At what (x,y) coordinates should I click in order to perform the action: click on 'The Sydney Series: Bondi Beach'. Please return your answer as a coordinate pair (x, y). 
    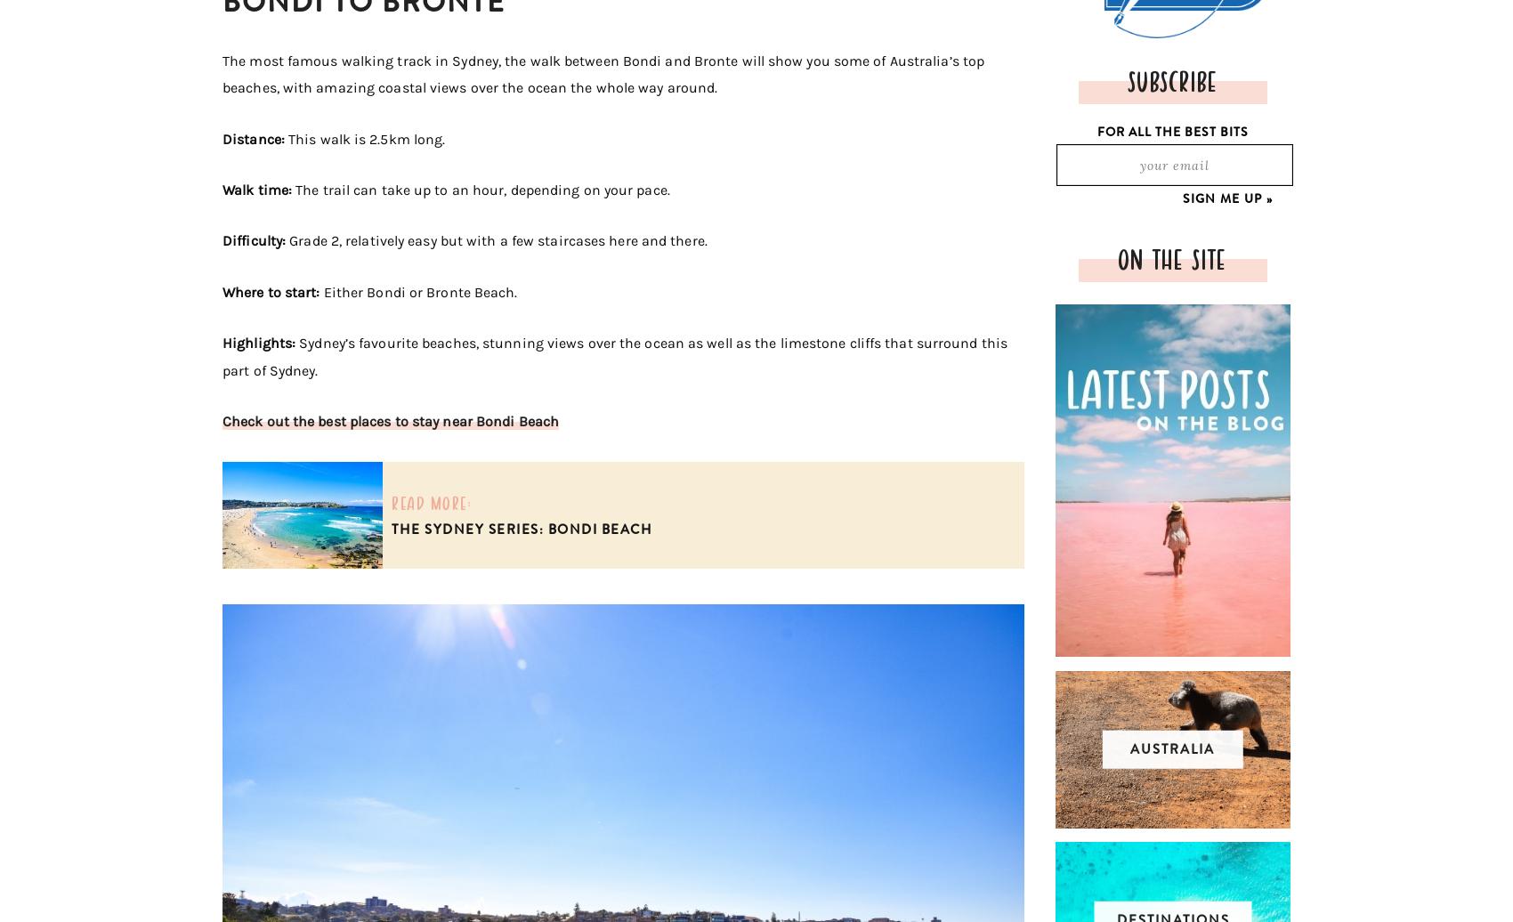
    Looking at the image, I should click on (521, 529).